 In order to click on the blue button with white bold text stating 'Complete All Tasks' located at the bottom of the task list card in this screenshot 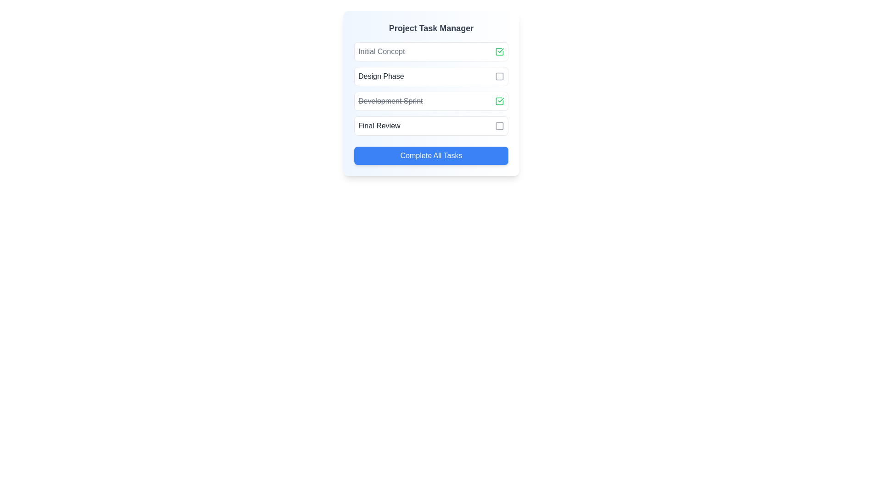, I will do `click(431, 155)`.